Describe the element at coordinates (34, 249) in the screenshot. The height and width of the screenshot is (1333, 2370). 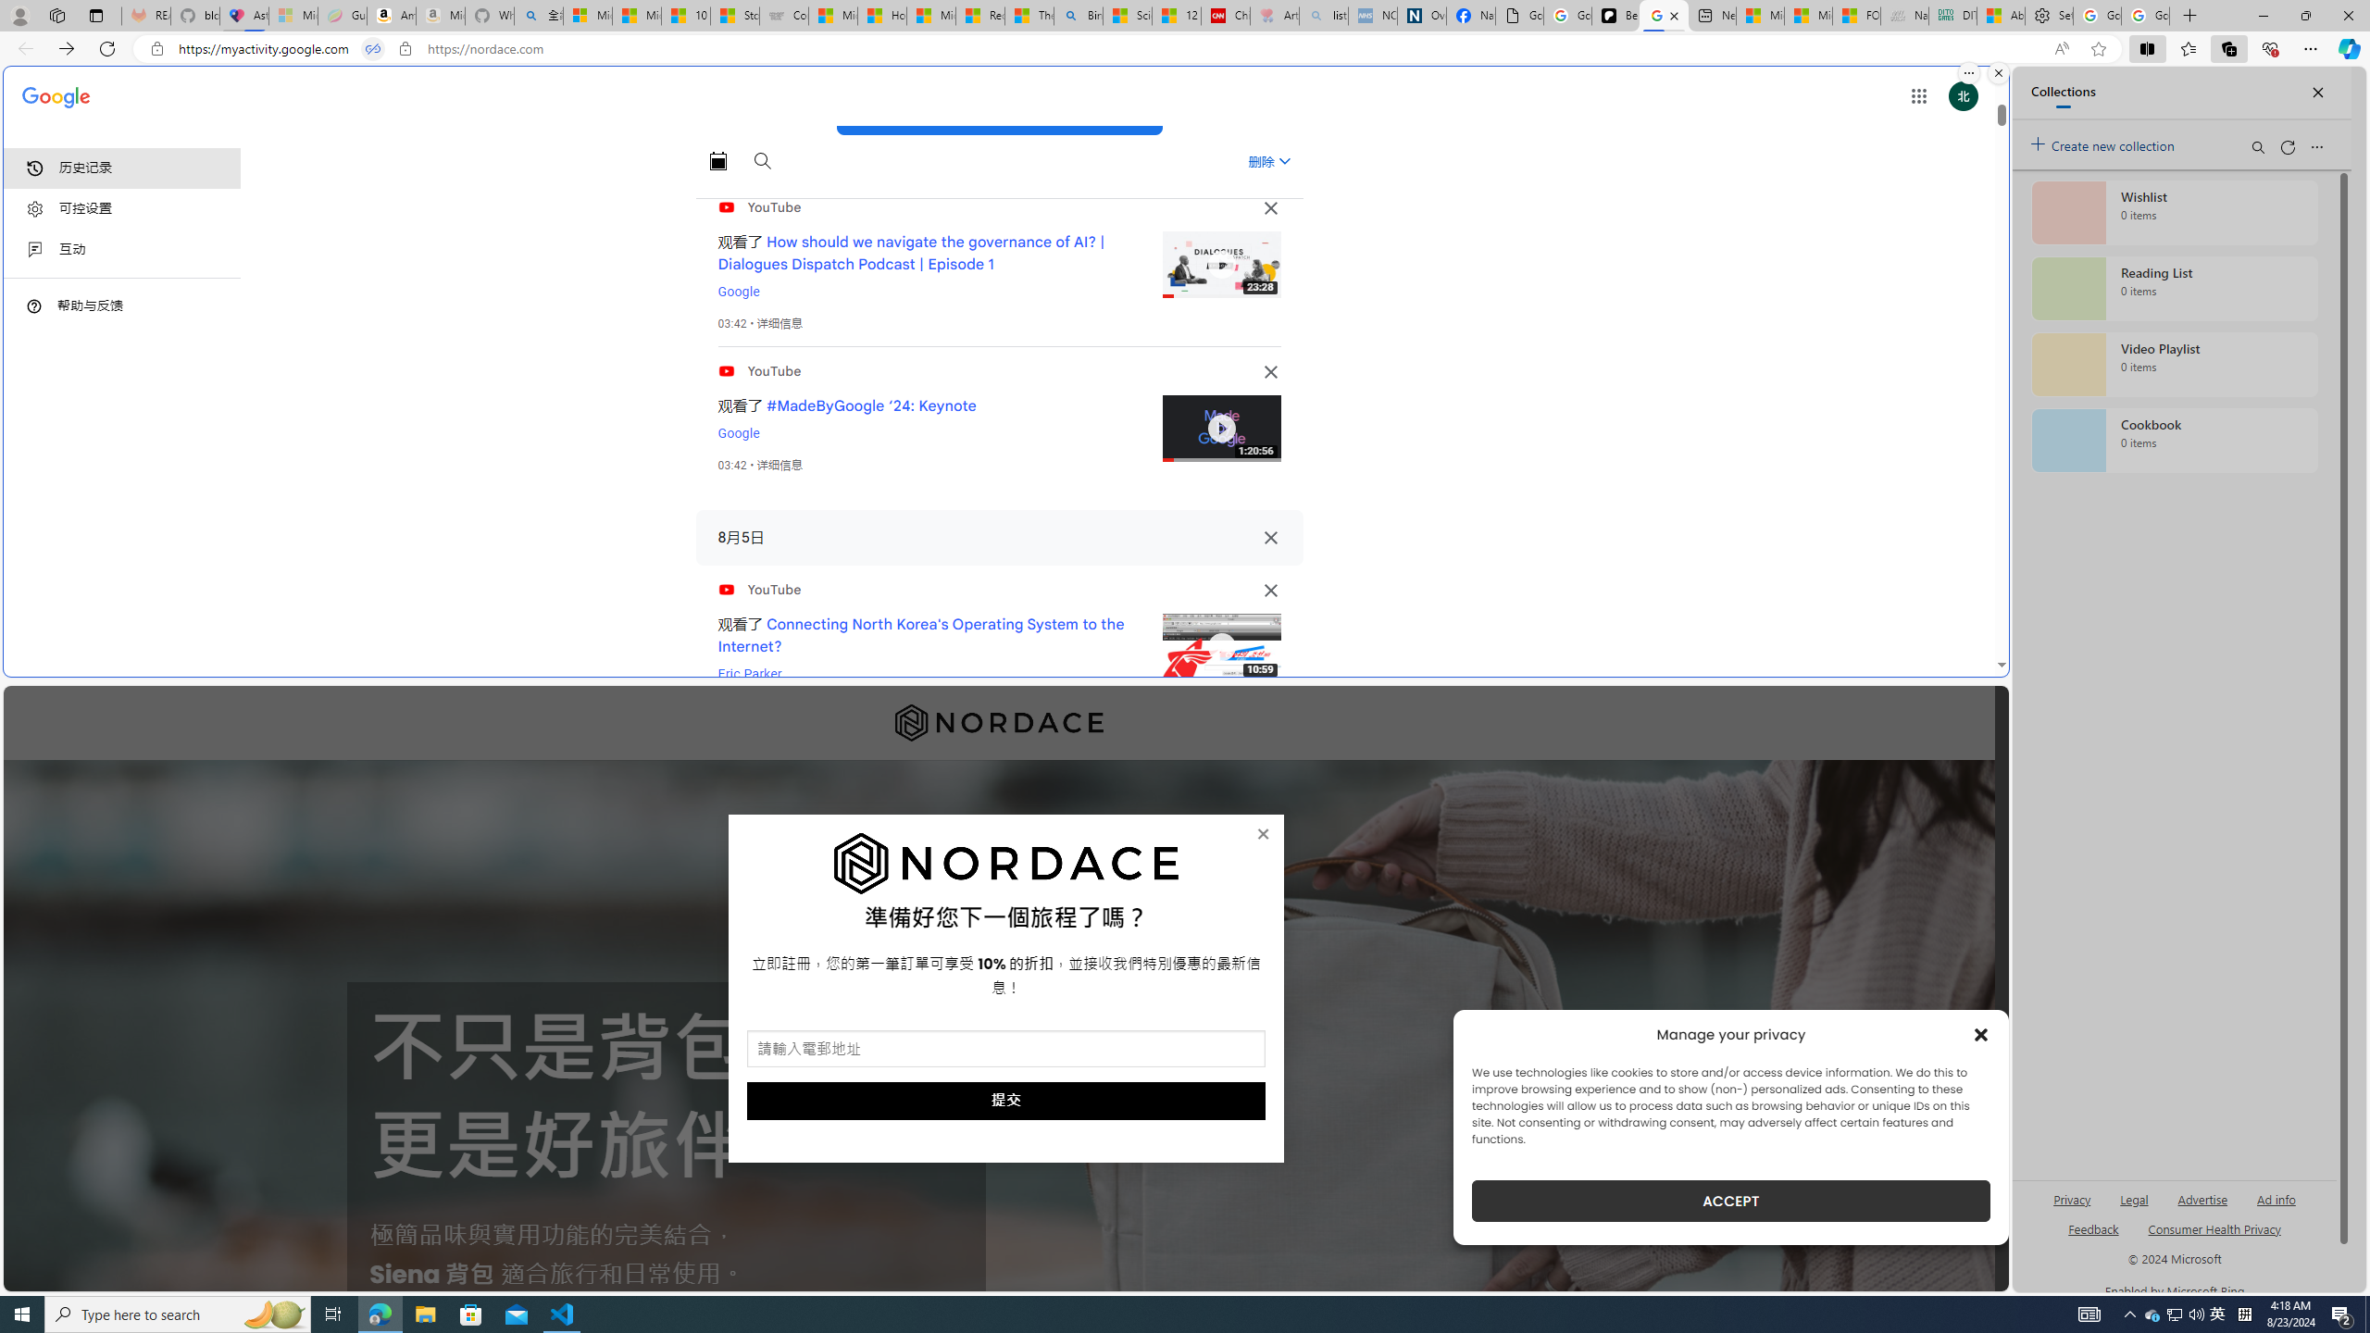
I see `'Class: i2GIId'` at that location.